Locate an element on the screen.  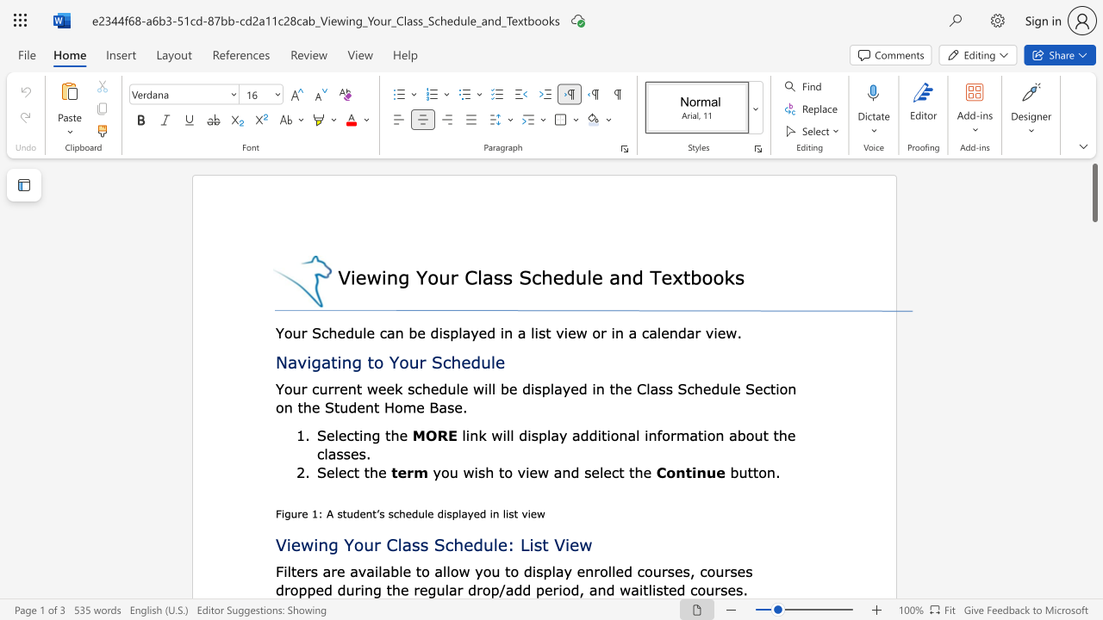
the scrollbar to scroll downward is located at coordinates (1094, 250).